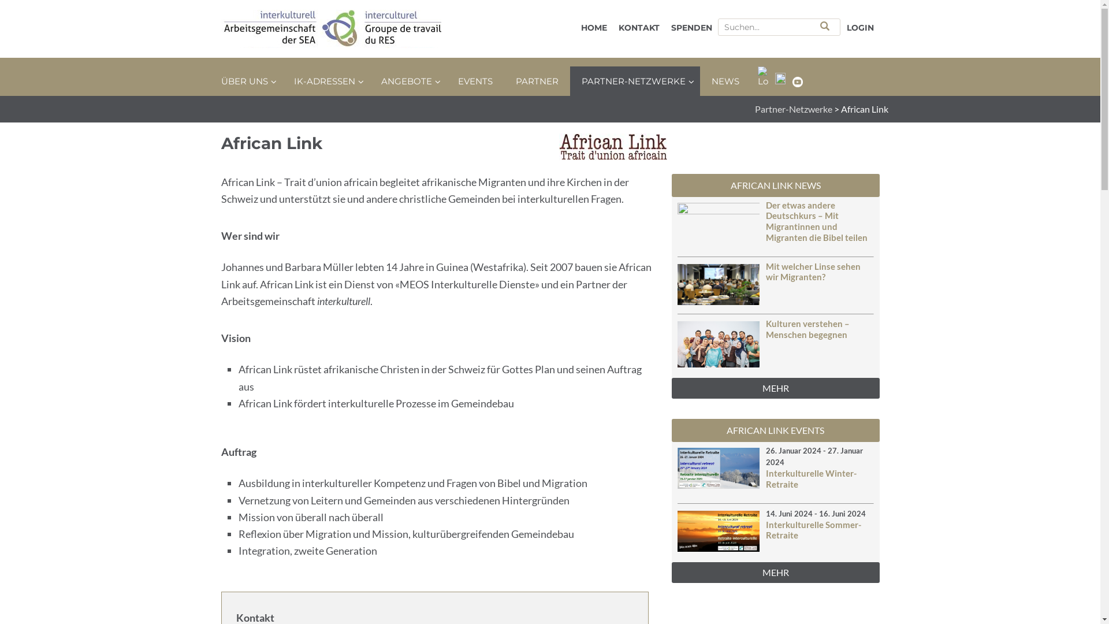 This screenshot has height=624, width=1109. Describe the element at coordinates (824, 26) in the screenshot. I see `'Search'` at that location.